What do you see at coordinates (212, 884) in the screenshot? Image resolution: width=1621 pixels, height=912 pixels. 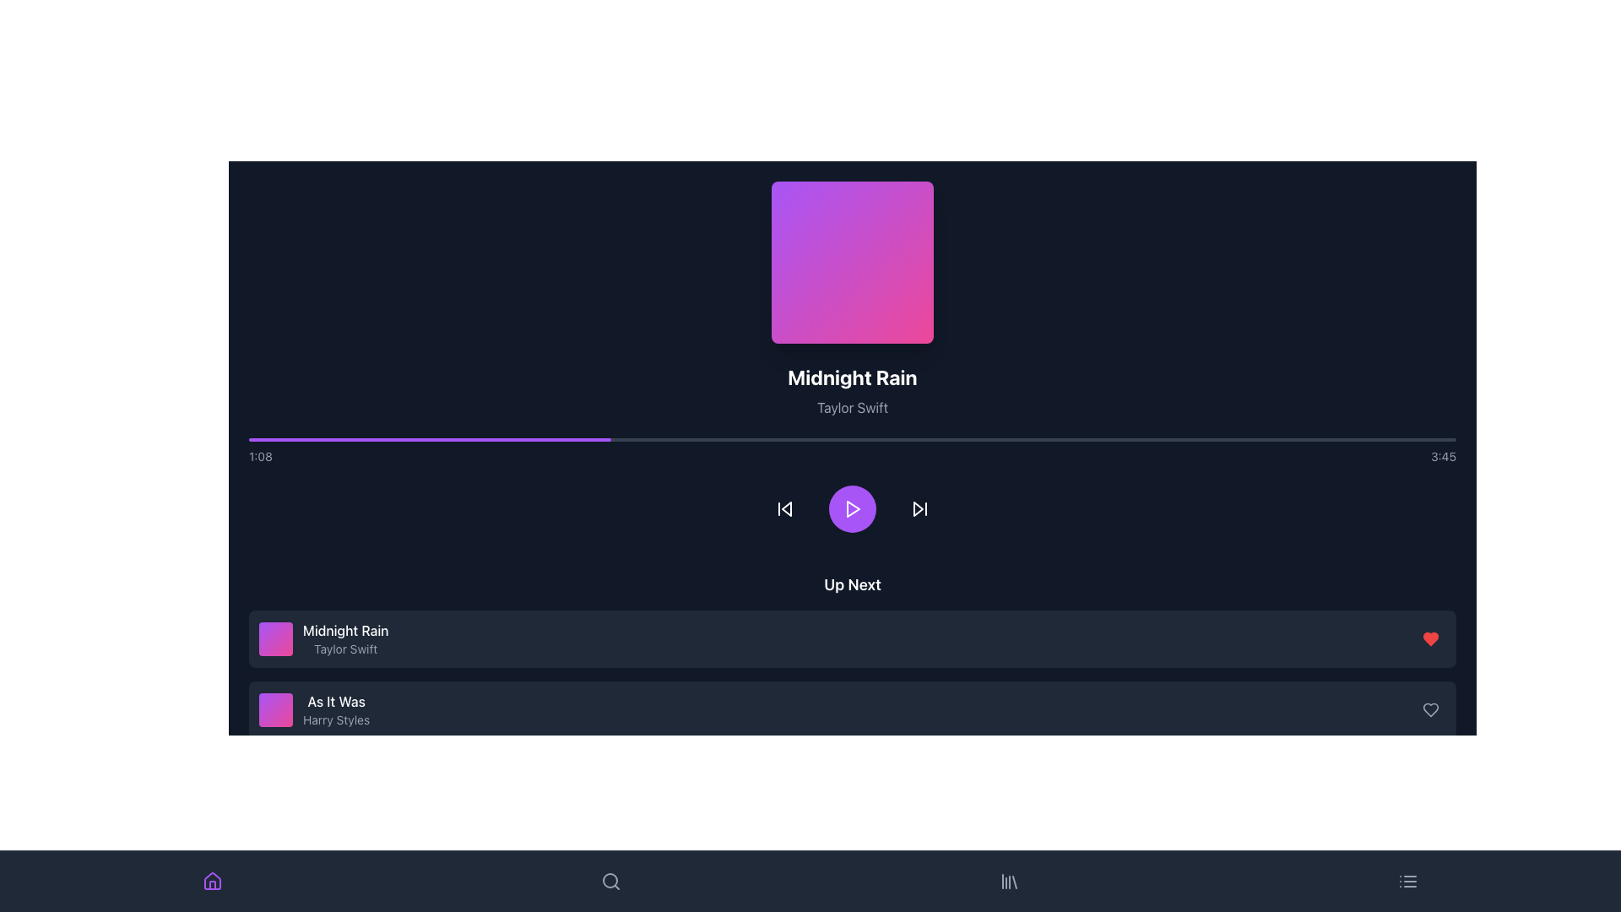 I see `the navigational icon located in the bottom navigation bar, which is the first icon from the left` at bounding box center [212, 884].